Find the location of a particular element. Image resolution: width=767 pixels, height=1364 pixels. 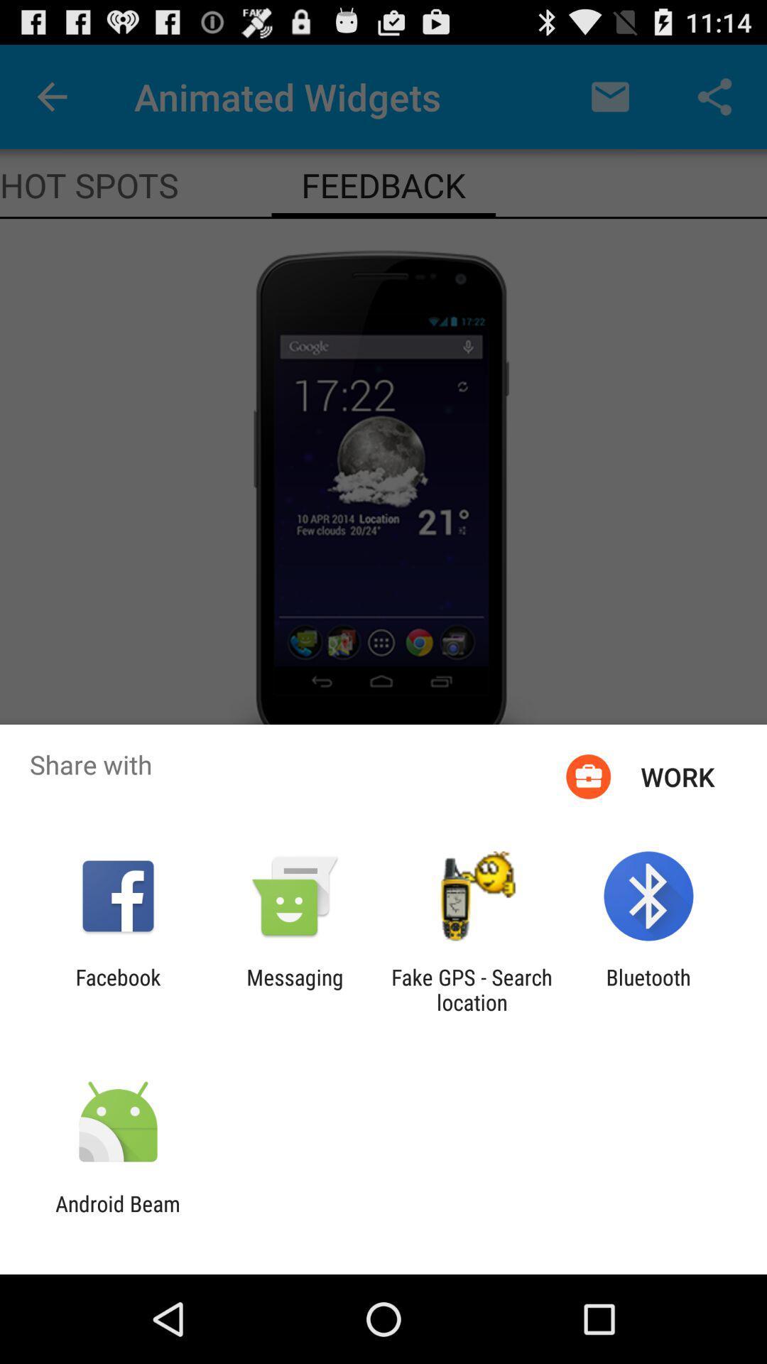

item at the bottom right corner is located at coordinates (648, 989).